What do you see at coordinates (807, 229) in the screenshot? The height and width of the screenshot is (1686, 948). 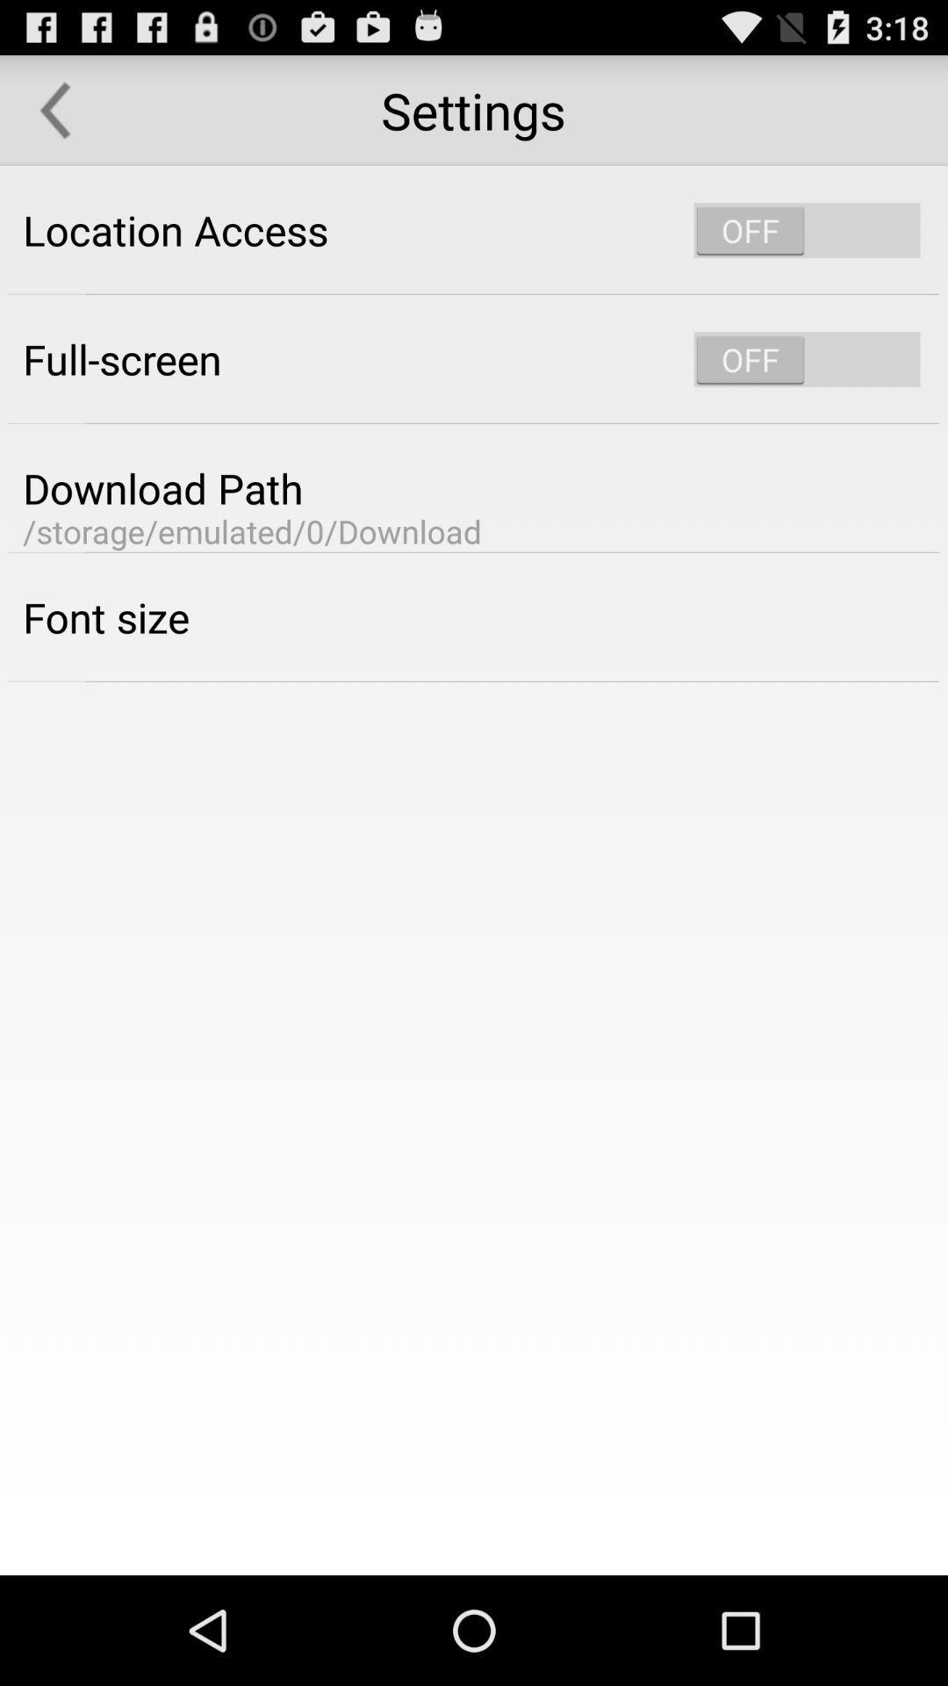 I see `the icon next to location access item` at bounding box center [807, 229].